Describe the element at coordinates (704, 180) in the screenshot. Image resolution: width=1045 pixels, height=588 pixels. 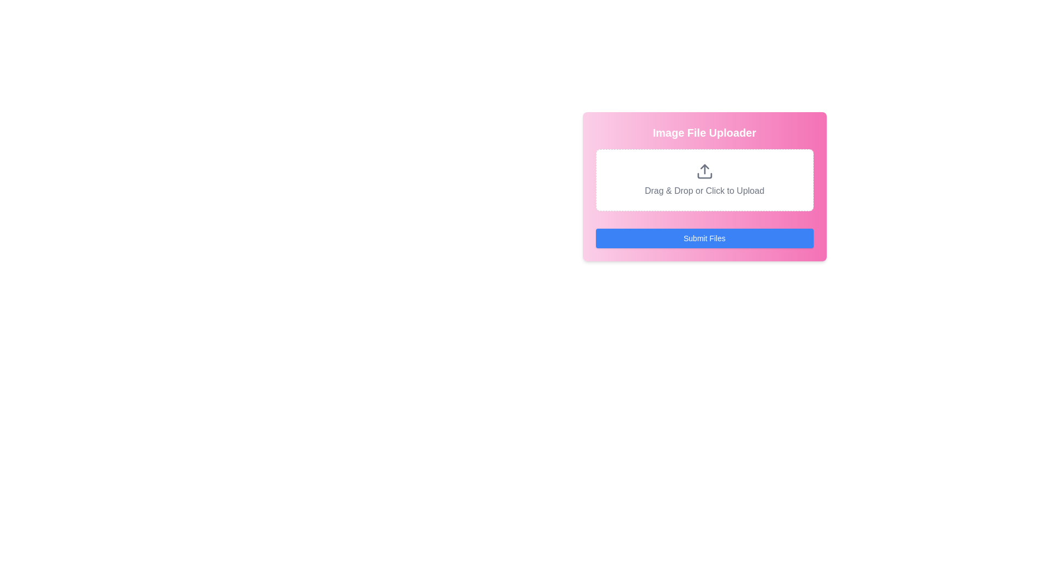
I see `and drop files into the File upload area, which is a rectangular area with dashed gray lines and an upload icon, located below the 'Image File Uploader' header and above the 'Submit Files' button` at that location.